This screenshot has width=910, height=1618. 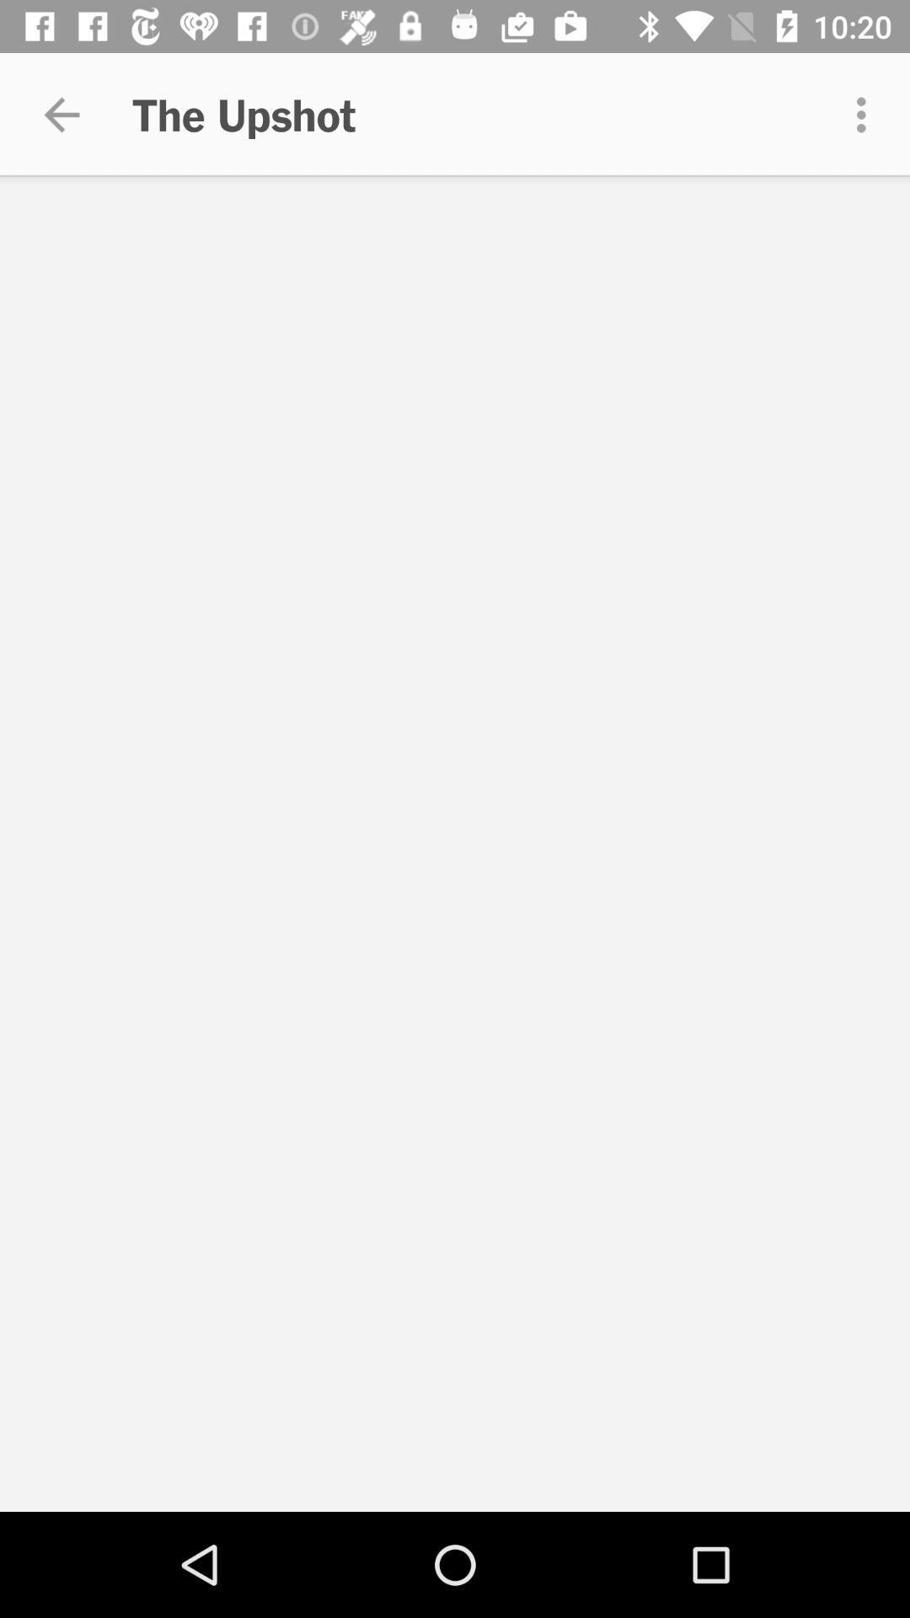 I want to click on the item to the right of the upshot, so click(x=865, y=114).